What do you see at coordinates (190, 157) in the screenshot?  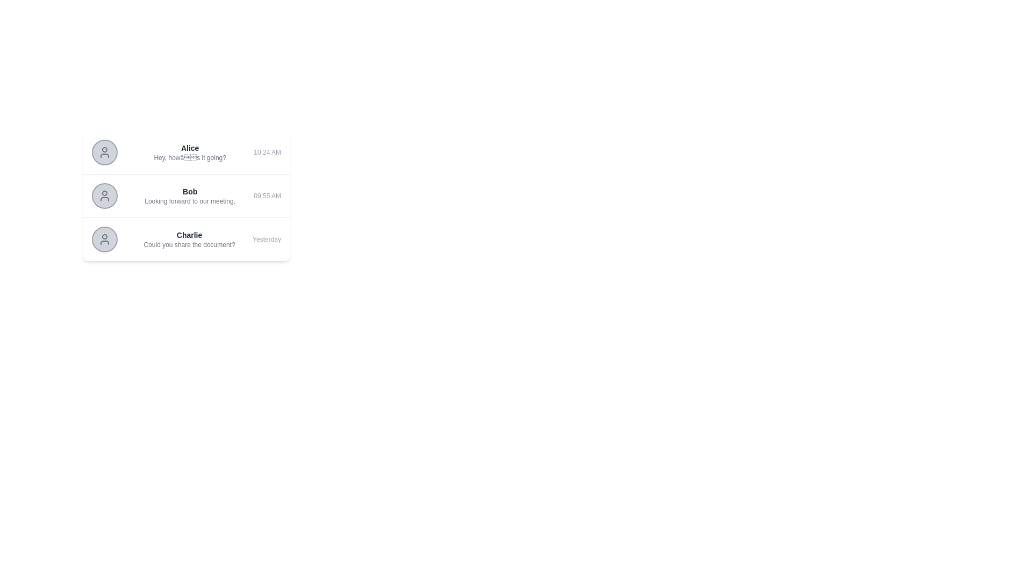 I see `the Text Label displaying the preview of the most recent message in the conversation thread, located beneath the name 'Alice' in the conversation card` at bounding box center [190, 157].